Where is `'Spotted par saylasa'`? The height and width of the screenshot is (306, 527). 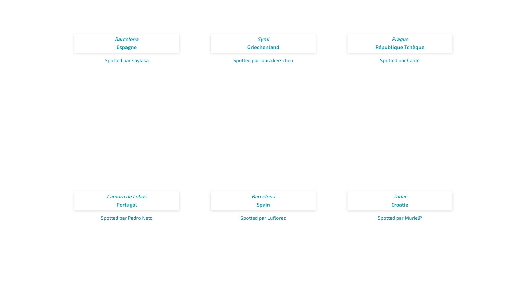 'Spotted par saylasa' is located at coordinates (126, 60).